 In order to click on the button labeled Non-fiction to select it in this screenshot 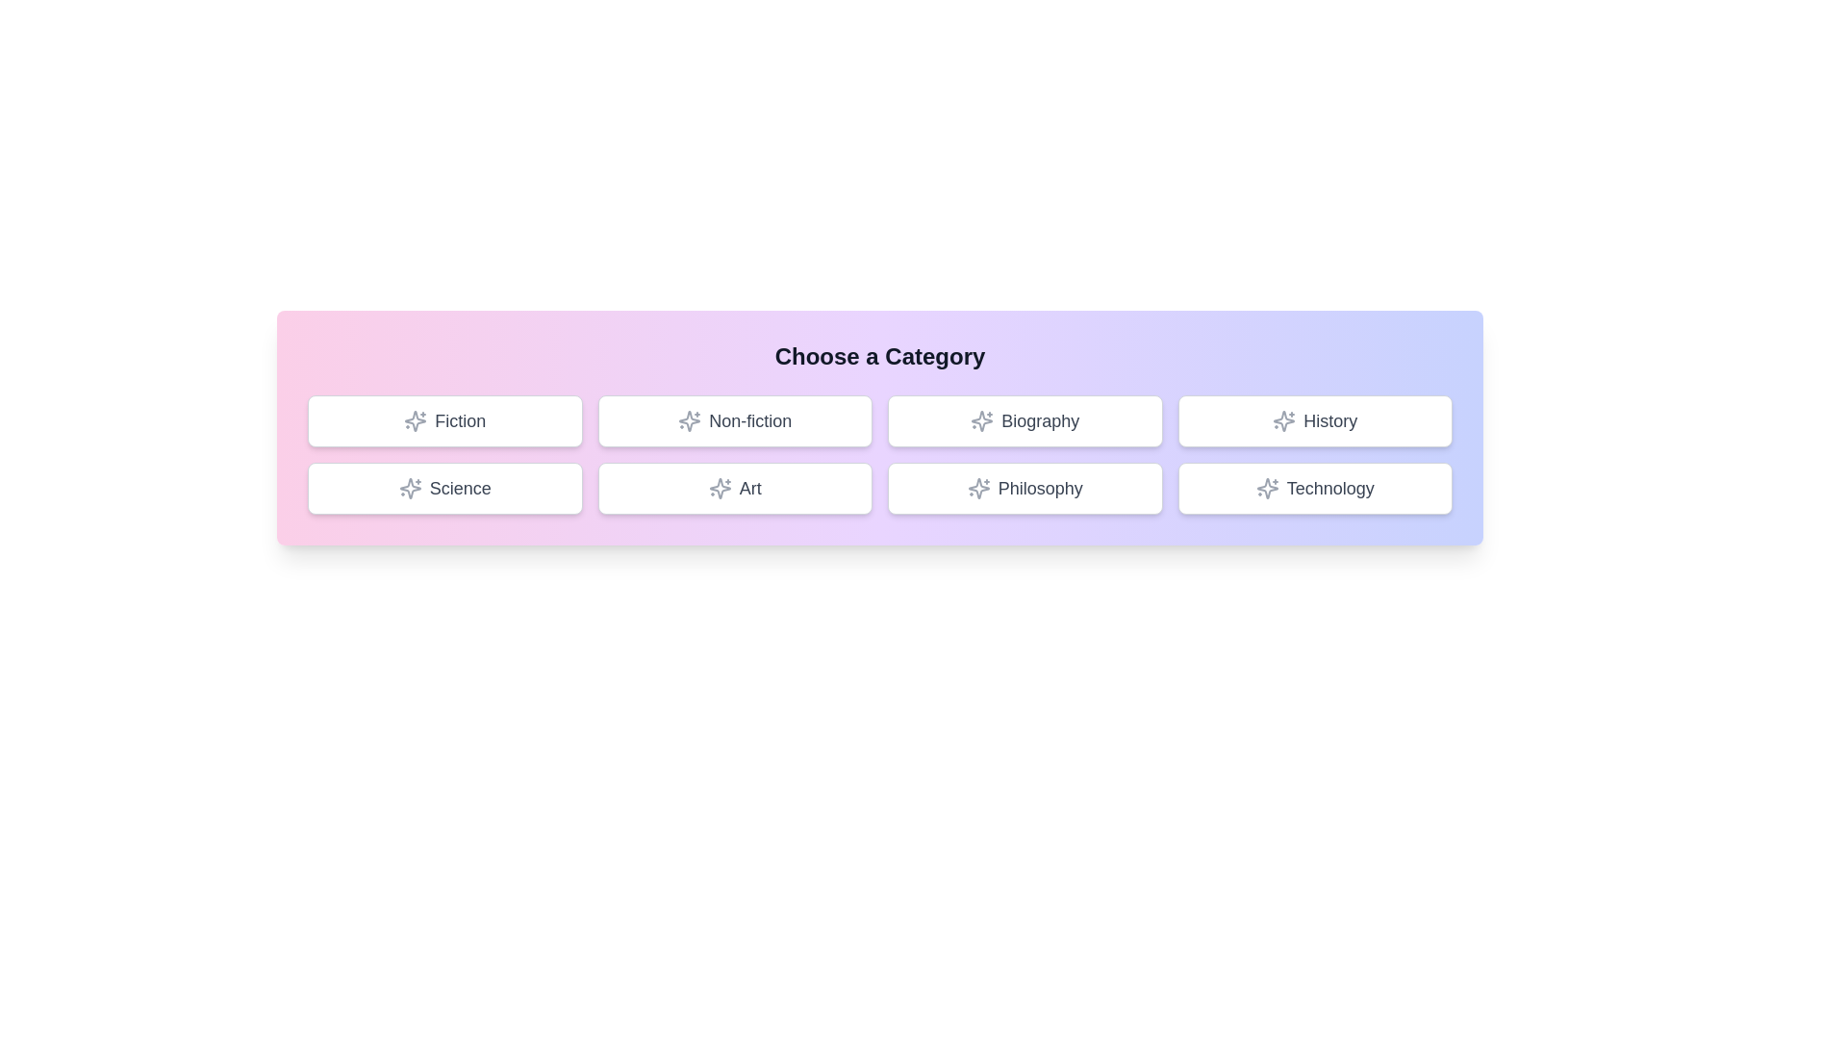, I will do `click(734, 420)`.